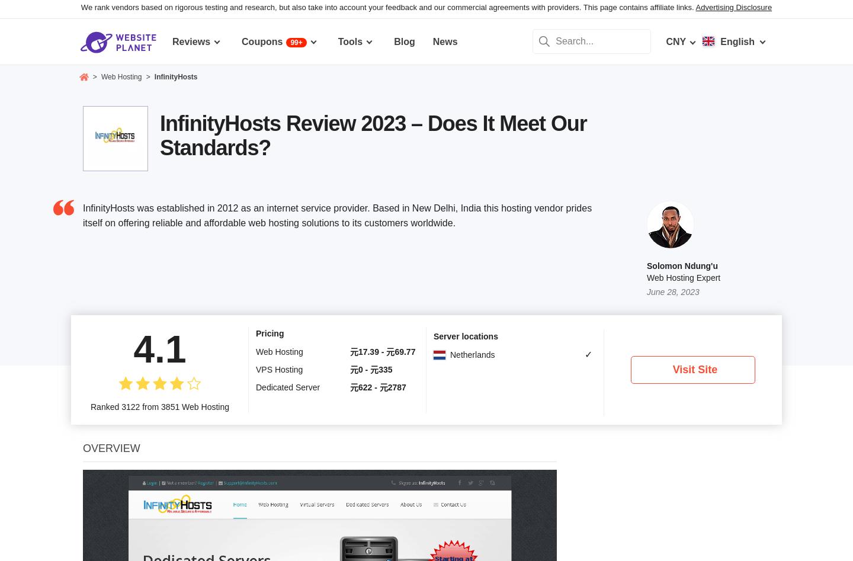 Image resolution: width=853 pixels, height=561 pixels. What do you see at coordinates (139, 324) in the screenshot?
I see `'Free instant setup'` at bounding box center [139, 324].